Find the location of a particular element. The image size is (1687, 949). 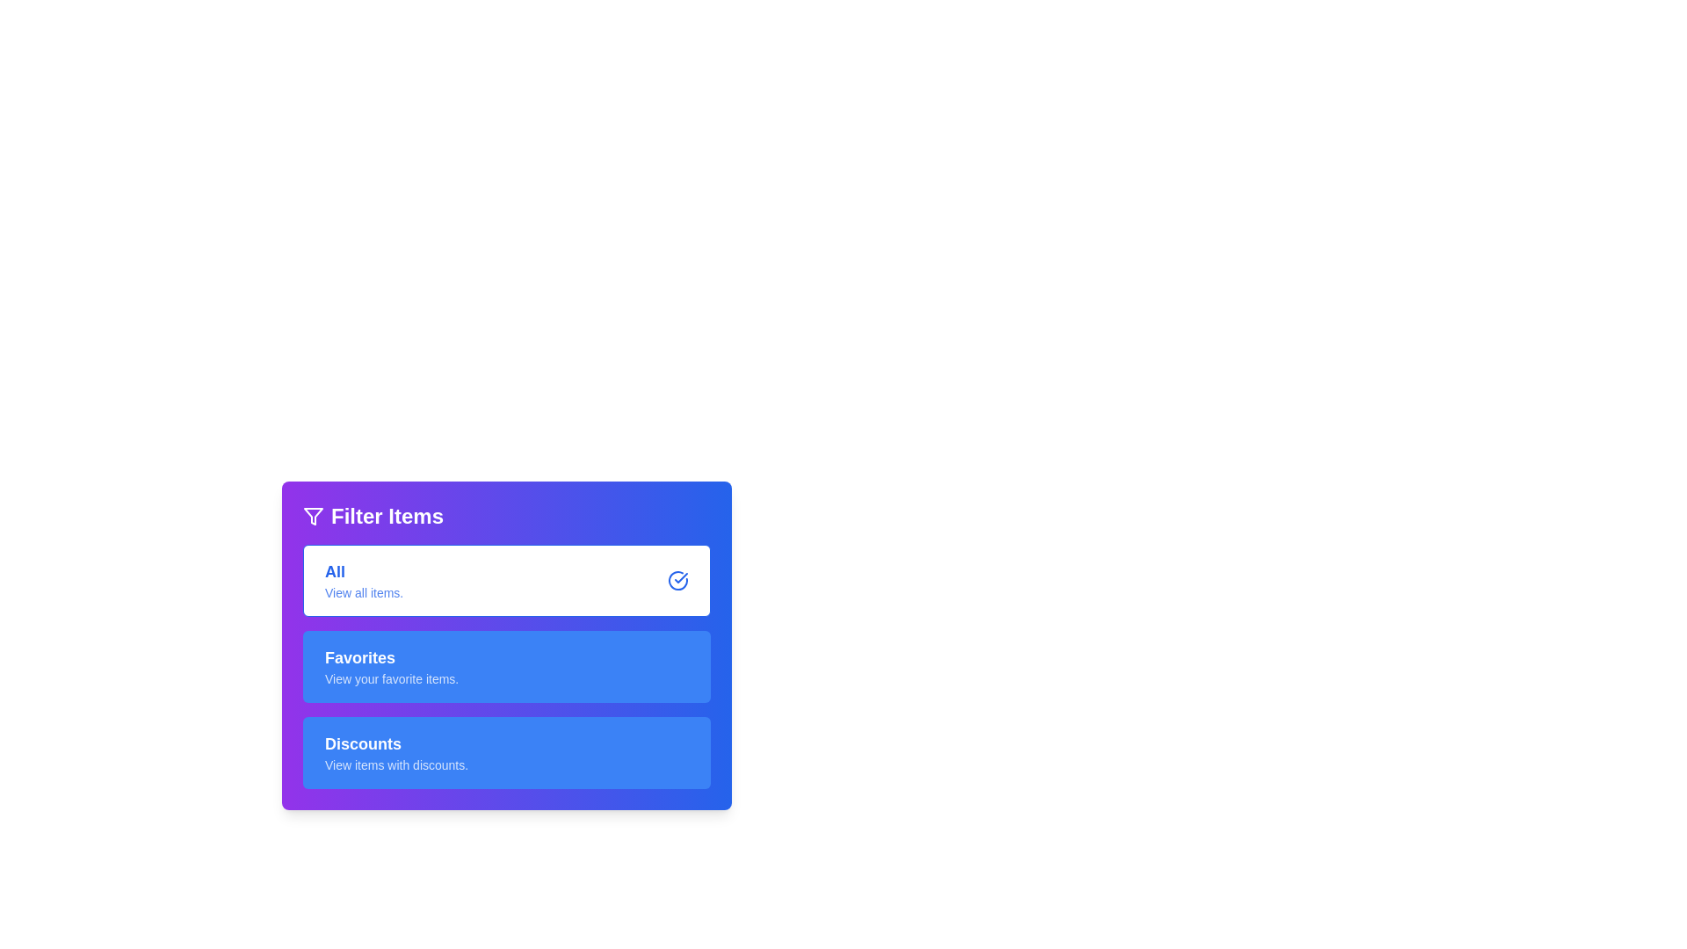

the 'Favorites' filter option located as the second entry in the filter menu to update the display to show only favorite items is located at coordinates (391, 667).